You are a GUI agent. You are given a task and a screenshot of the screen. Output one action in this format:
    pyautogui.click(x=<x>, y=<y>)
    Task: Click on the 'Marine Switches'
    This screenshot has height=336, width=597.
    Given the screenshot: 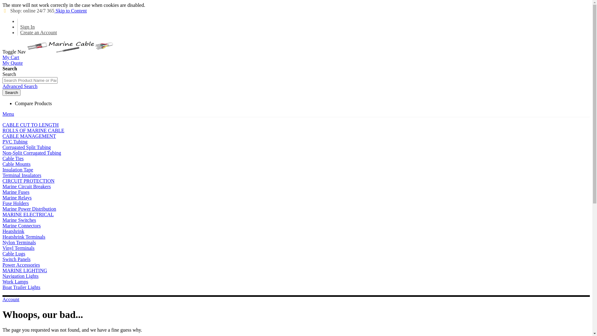 What is the action you would take?
    pyautogui.click(x=19, y=220)
    